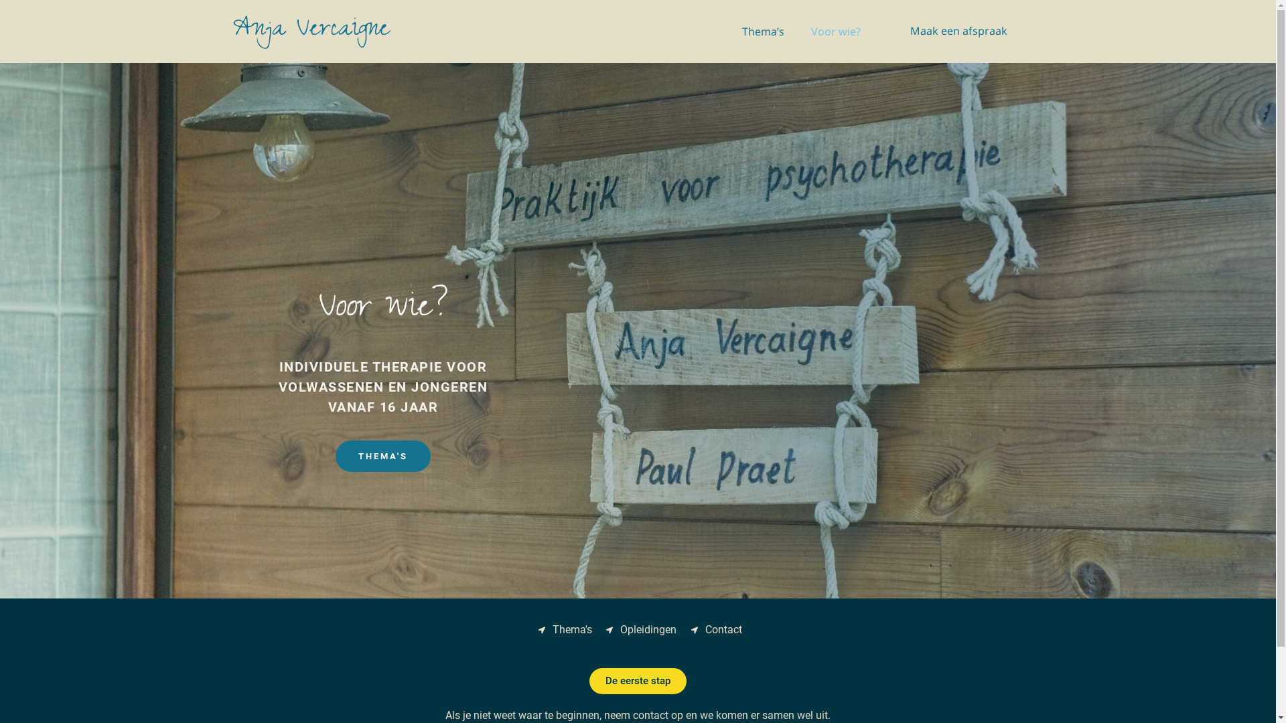  Describe the element at coordinates (835, 30) in the screenshot. I see `'Voor wie?'` at that location.